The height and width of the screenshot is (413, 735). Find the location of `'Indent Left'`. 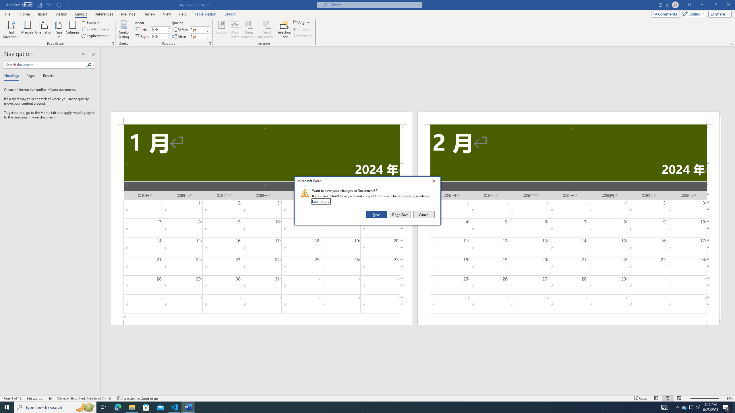

'Indent Left' is located at coordinates (158, 29).